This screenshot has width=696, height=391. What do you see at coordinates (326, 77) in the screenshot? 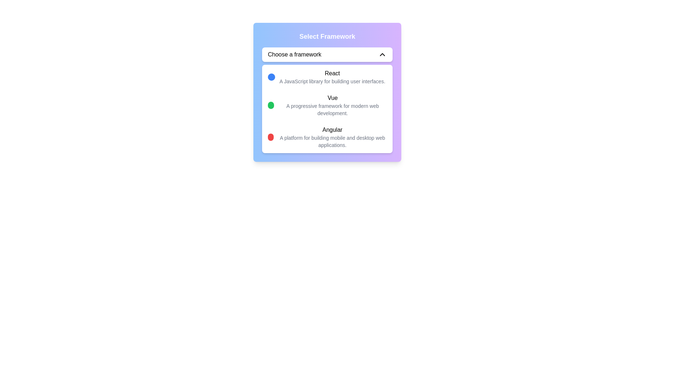
I see `the informational Text block that introduces the React framework, which is the first item in the vertical menu list under the 'Choose a framework' dropdown header` at bounding box center [326, 77].